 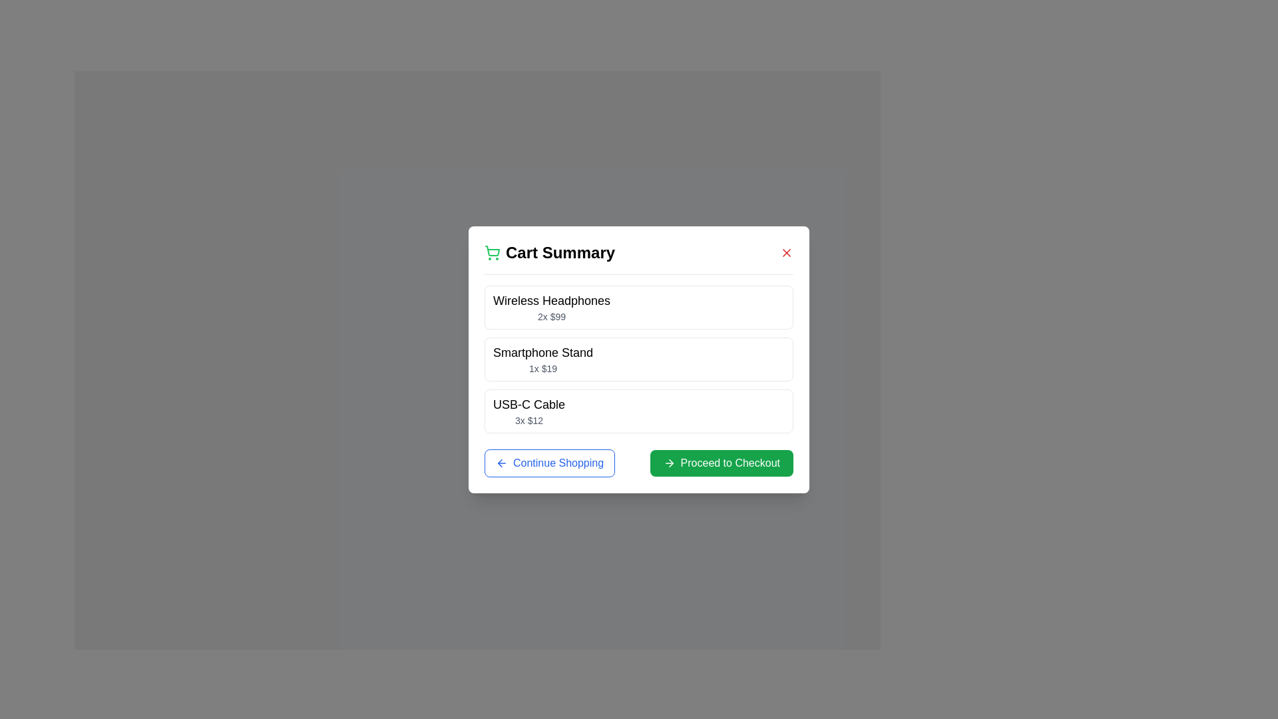 I want to click on the text display element that shows the description and cost information for the 'USB-C Cable' item in the 'Cart Summary' dialog box, located below the 'Smartphone Stand' item, so click(x=529, y=410).